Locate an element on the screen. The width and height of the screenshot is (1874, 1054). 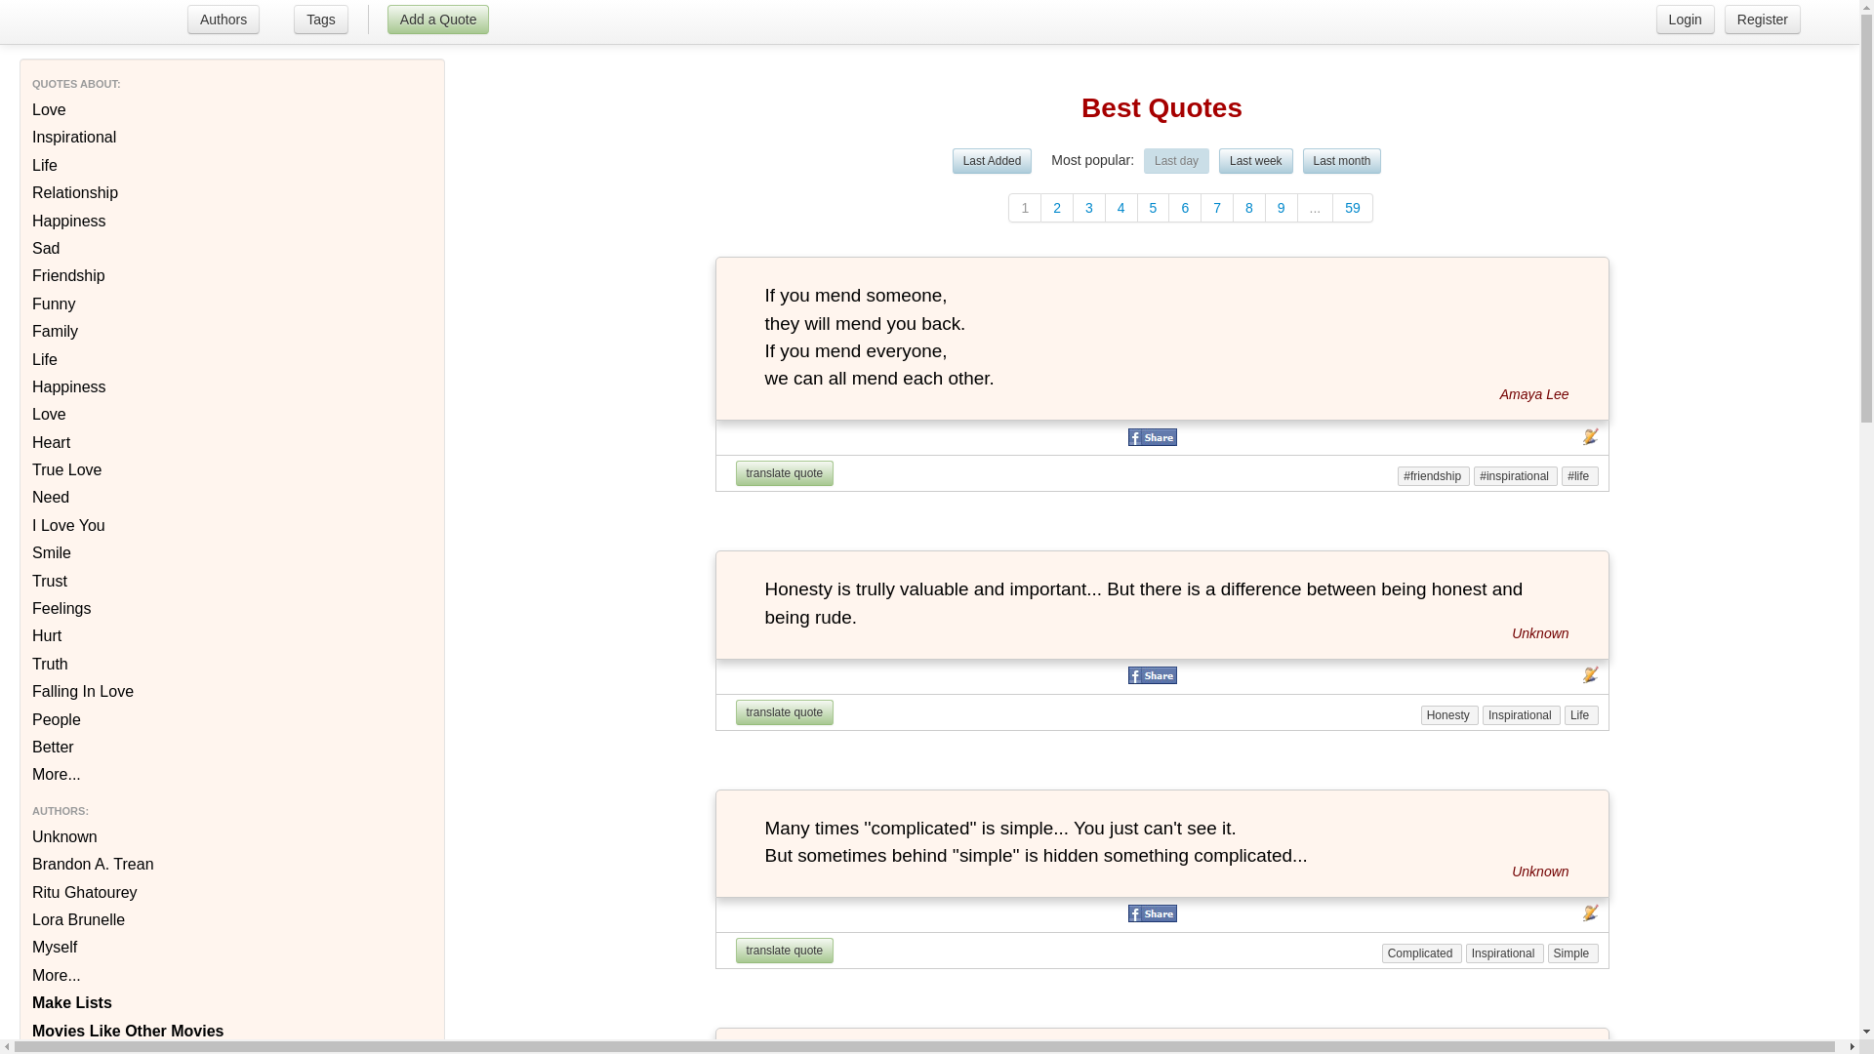
'Tags' is located at coordinates (321, 21).